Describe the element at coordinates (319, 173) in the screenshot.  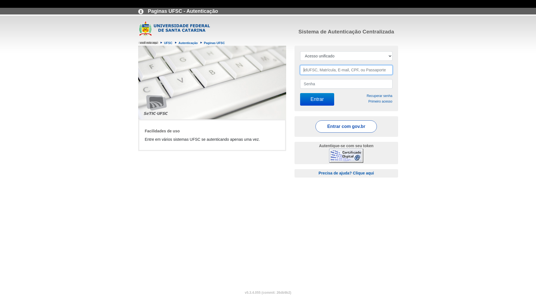
I see `'Precisa de ajuda? Clique aqui'` at that location.